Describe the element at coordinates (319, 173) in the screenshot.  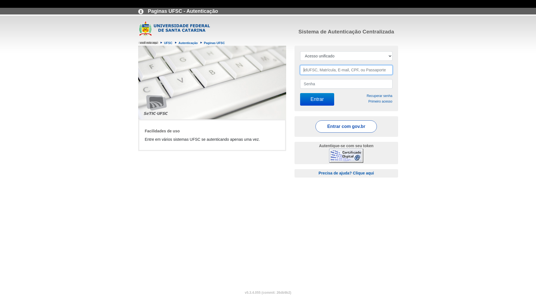
I see `'Precisa de ajuda? Clique aqui'` at that location.